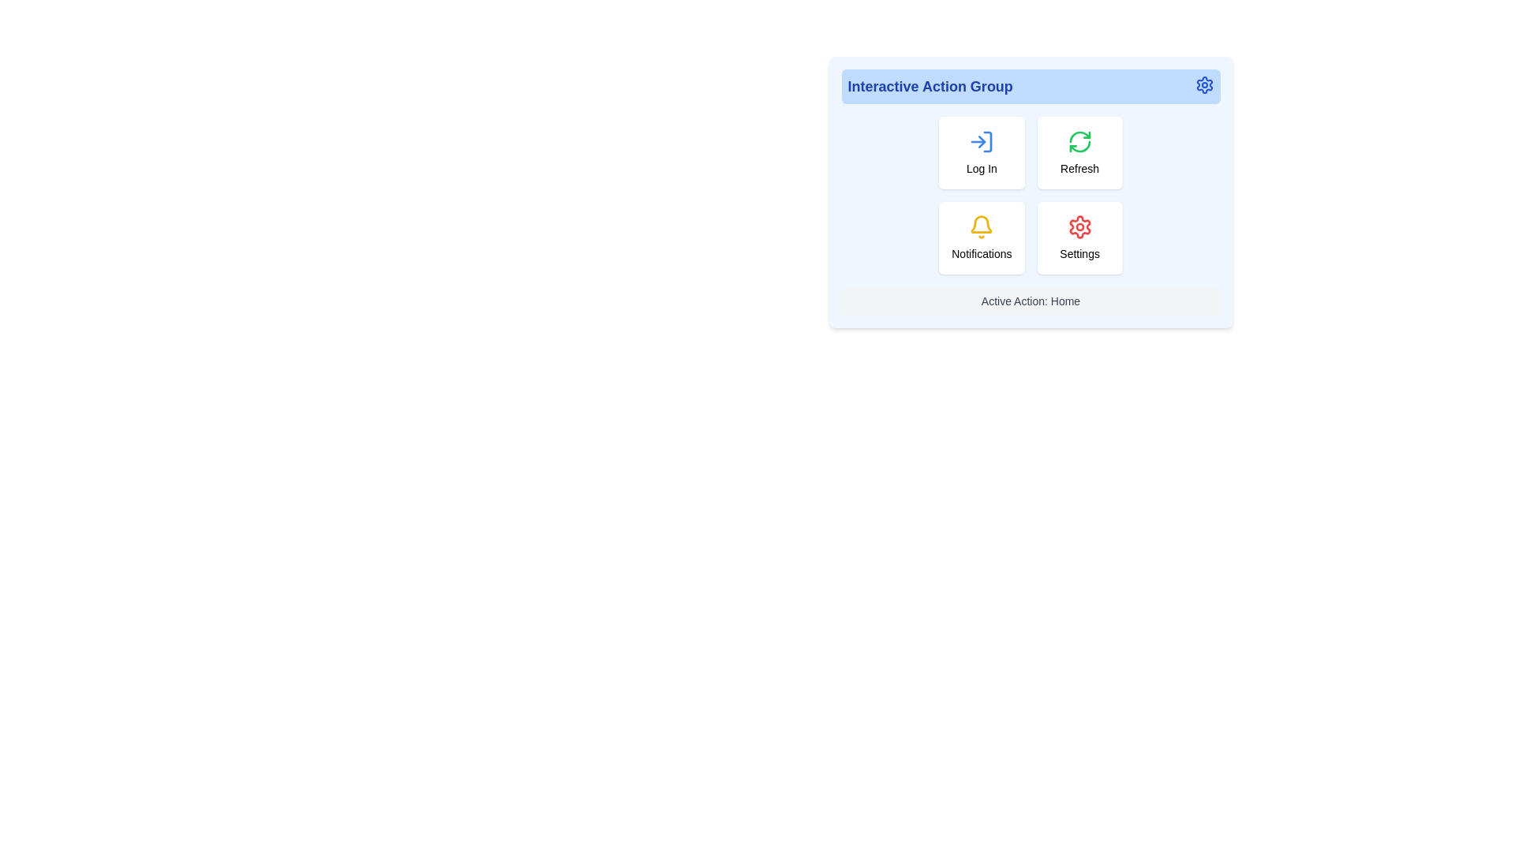 The height and width of the screenshot is (852, 1515). Describe the element at coordinates (981, 152) in the screenshot. I see `the 'Log In' button located in the top-left position of a 2x2 grid layout to initiate the login process` at that location.